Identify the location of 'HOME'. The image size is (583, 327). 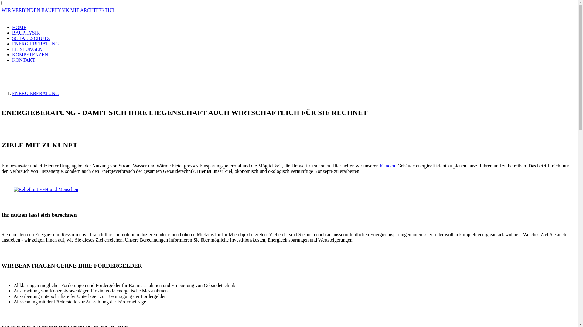
(19, 27).